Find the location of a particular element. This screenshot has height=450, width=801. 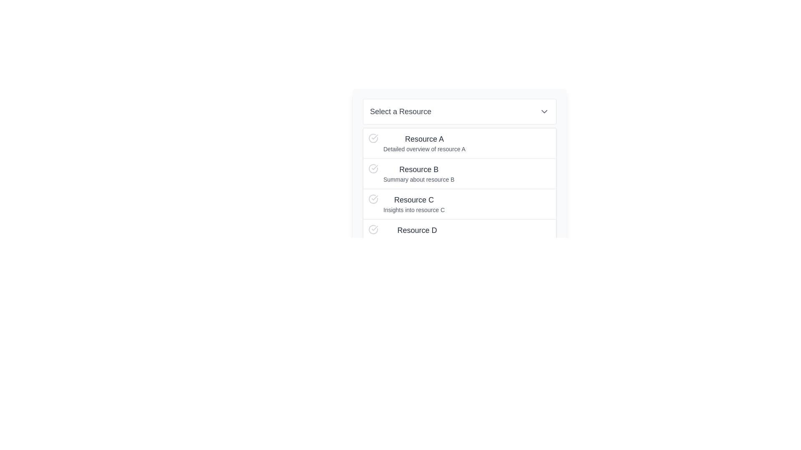

the Dropdown Button labeled 'Select a Resource' is located at coordinates (459, 111).